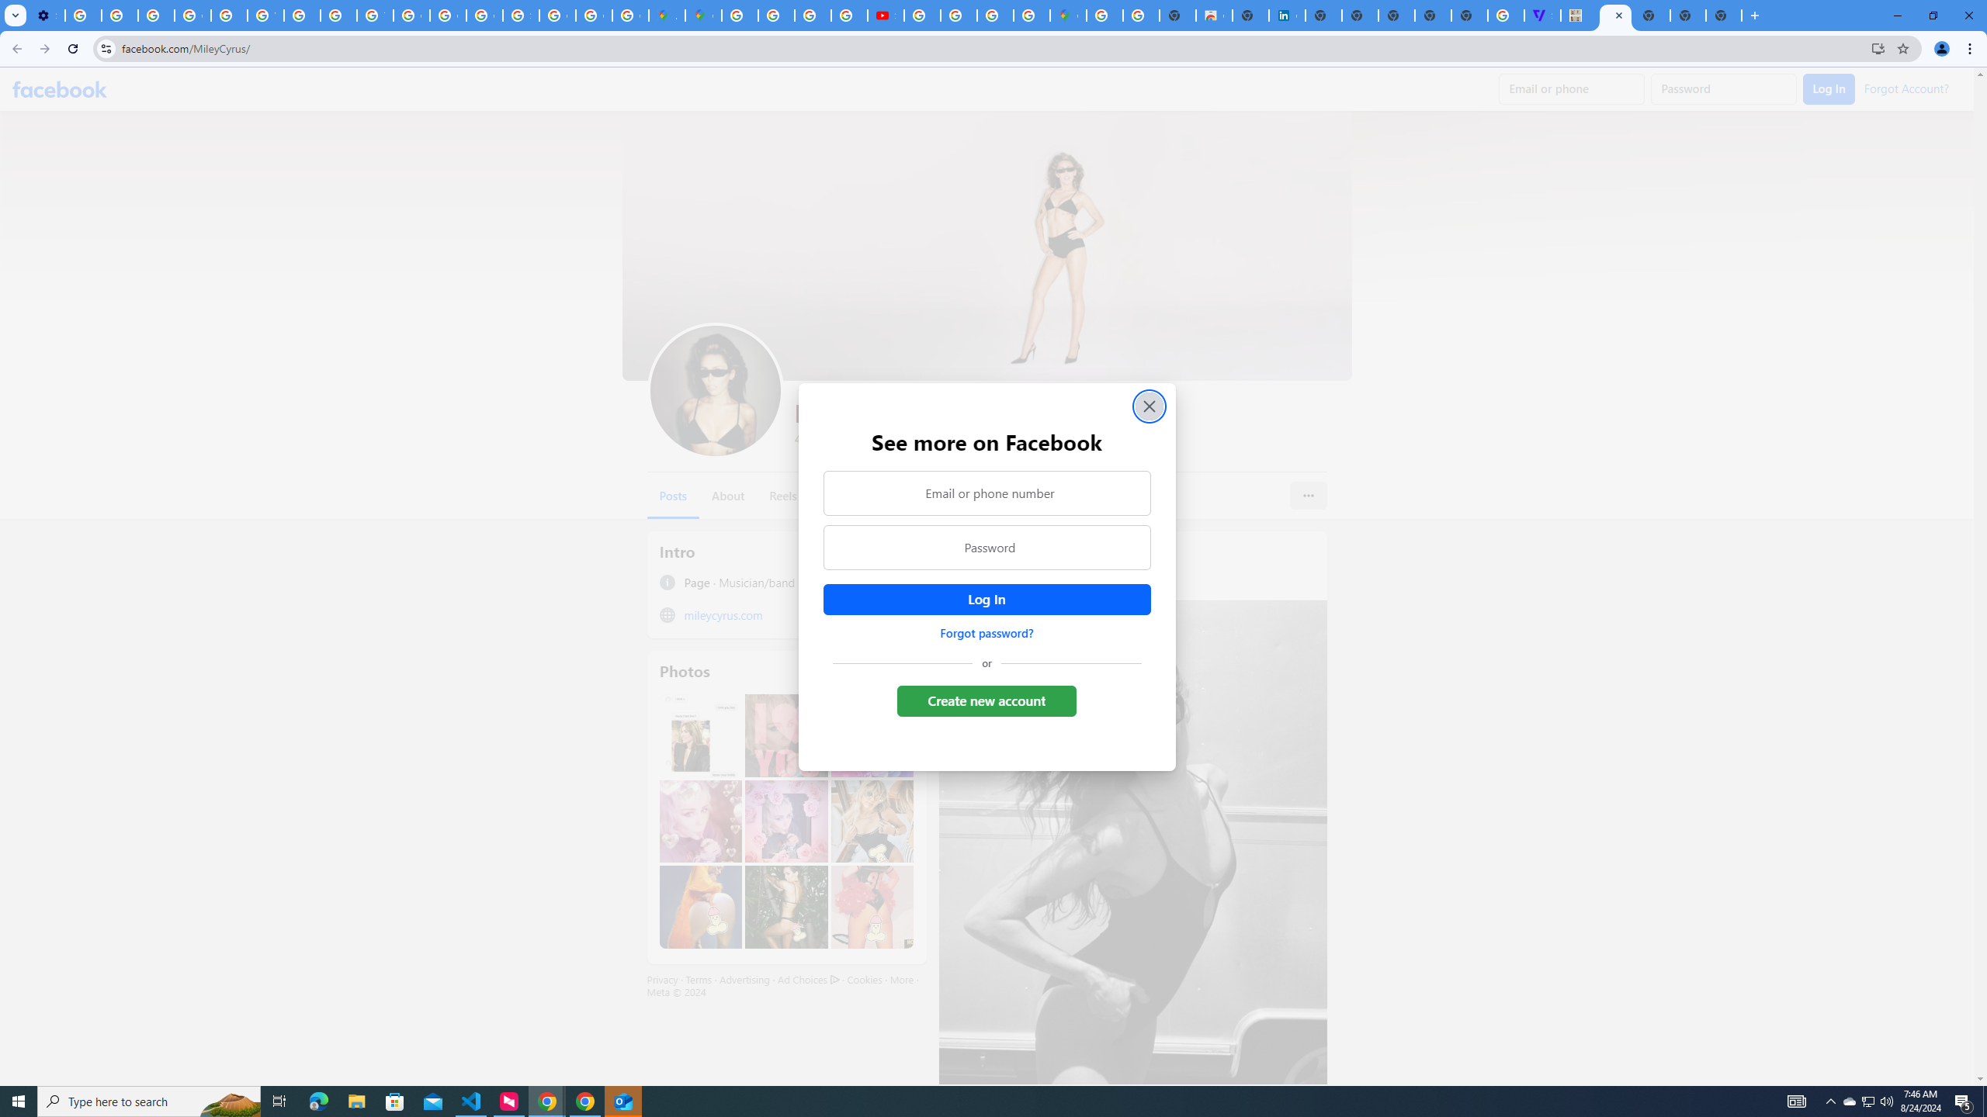 The image size is (1987, 1117). I want to click on 'How Chrome protects your passwords - Google Chrome Help', so click(923, 15).